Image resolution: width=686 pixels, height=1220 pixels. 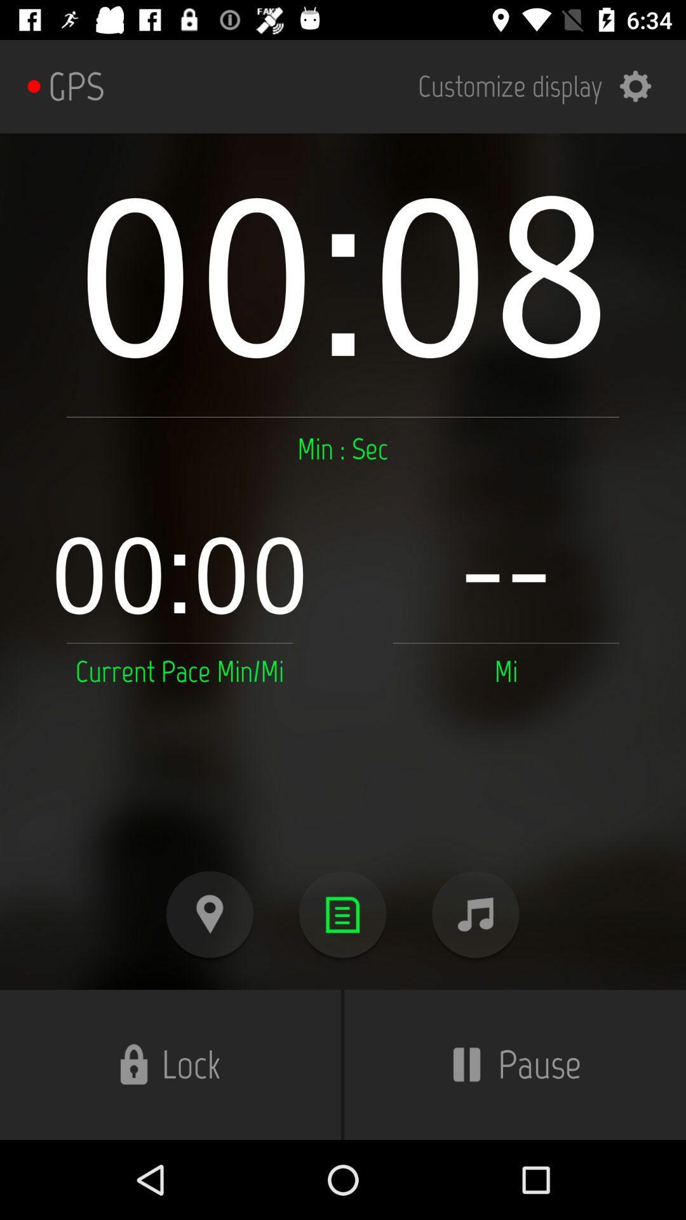 I want to click on open music, so click(x=475, y=914).